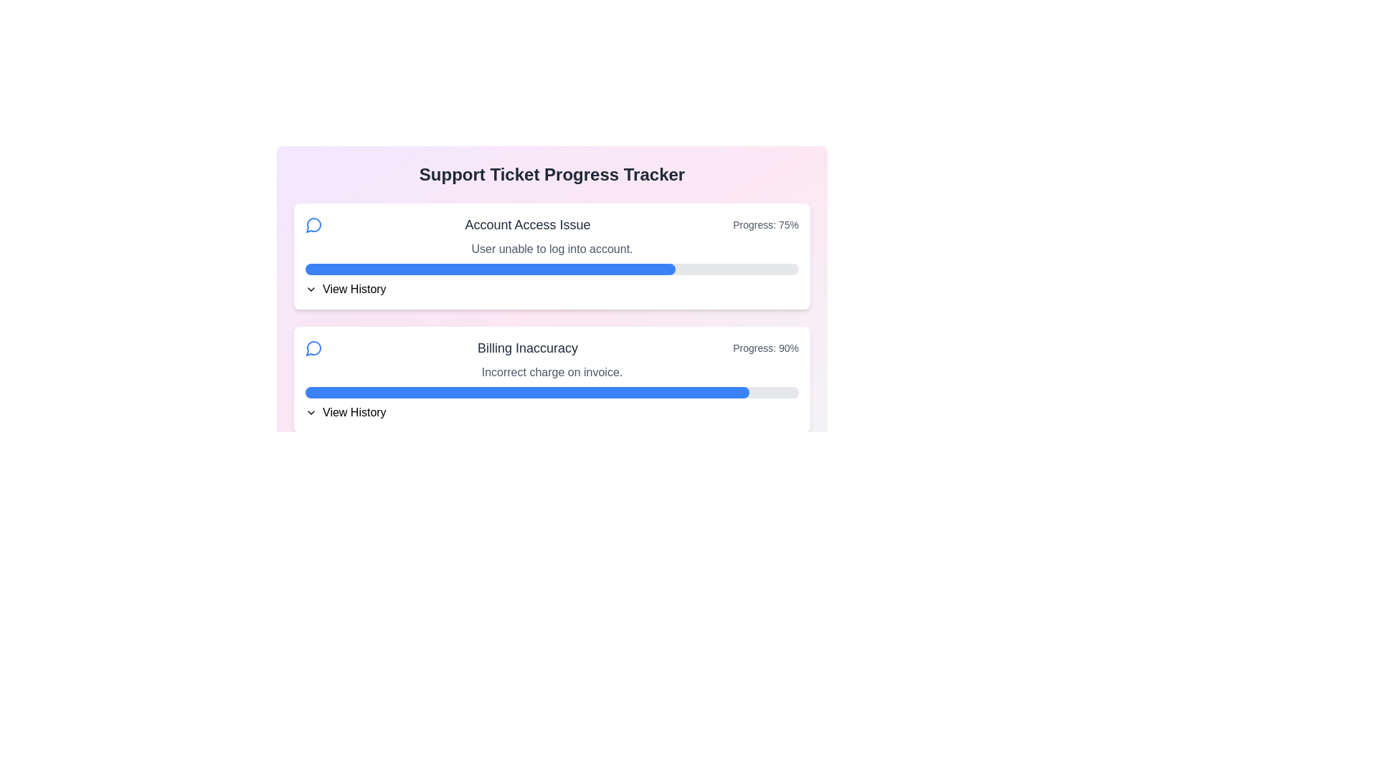  I want to click on the text label displaying 'Incorrect charge on invoice.' which is located below the header 'Billing Inaccuracy' and above the progress bar in the second card, so click(551, 372).